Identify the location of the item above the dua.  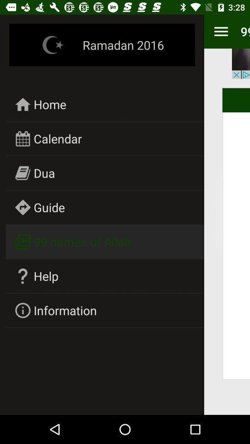
(57, 138).